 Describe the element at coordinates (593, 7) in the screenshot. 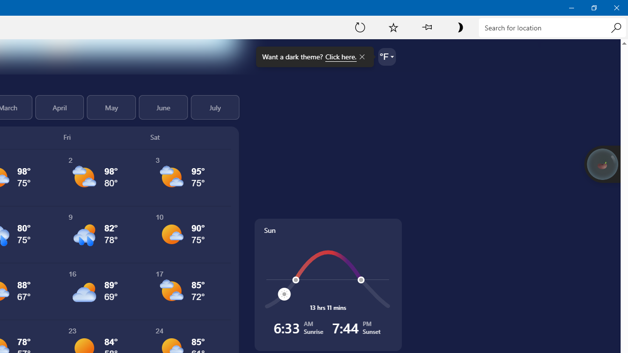

I see `'Restore Weather'` at that location.